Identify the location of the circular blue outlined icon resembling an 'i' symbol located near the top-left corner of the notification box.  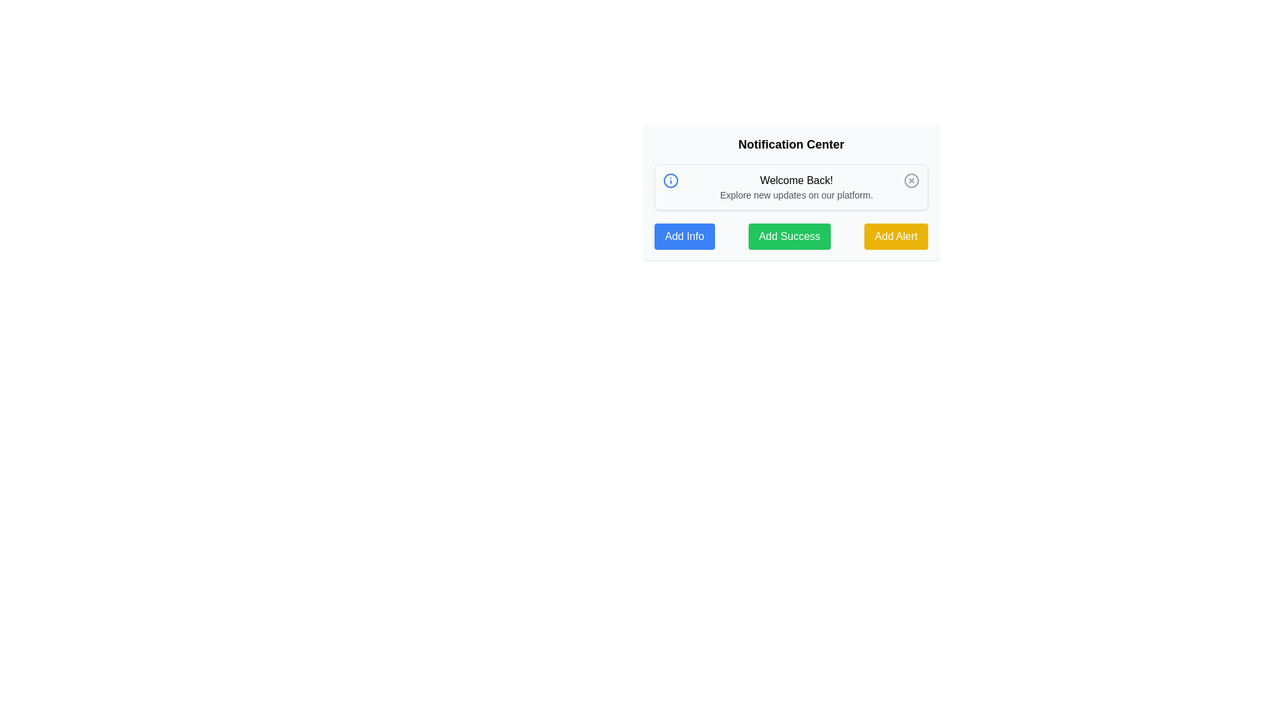
(670, 180).